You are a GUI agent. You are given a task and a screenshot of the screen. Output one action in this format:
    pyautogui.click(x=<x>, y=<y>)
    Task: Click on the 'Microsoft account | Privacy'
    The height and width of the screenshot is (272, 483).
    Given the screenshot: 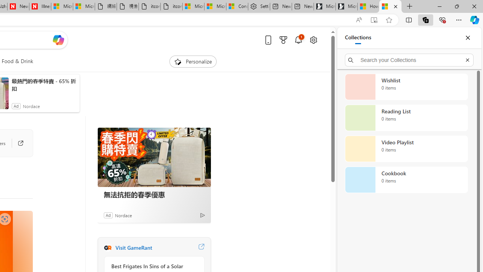 What is the action you would take?
    pyautogui.click(x=215, y=6)
    